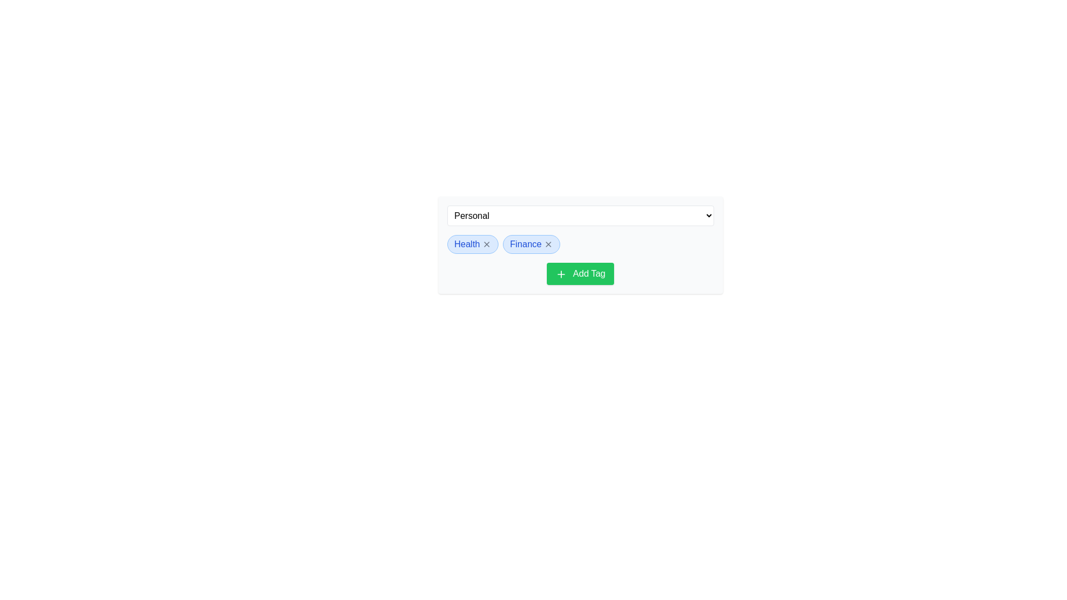 Image resolution: width=1067 pixels, height=600 pixels. Describe the element at coordinates (486, 243) in the screenshot. I see `the interactive close button located to the far right within the 'Health' tag to change its color to red` at that location.